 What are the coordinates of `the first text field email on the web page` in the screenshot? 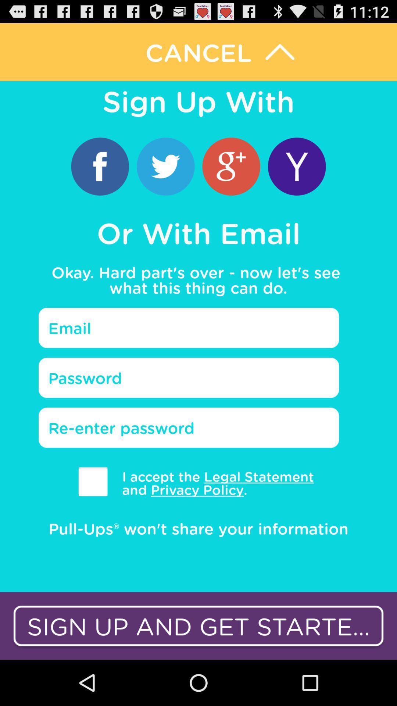 It's located at (188, 328).